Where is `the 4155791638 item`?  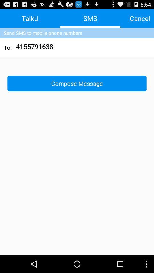 the 4155791638 item is located at coordinates (35, 47).